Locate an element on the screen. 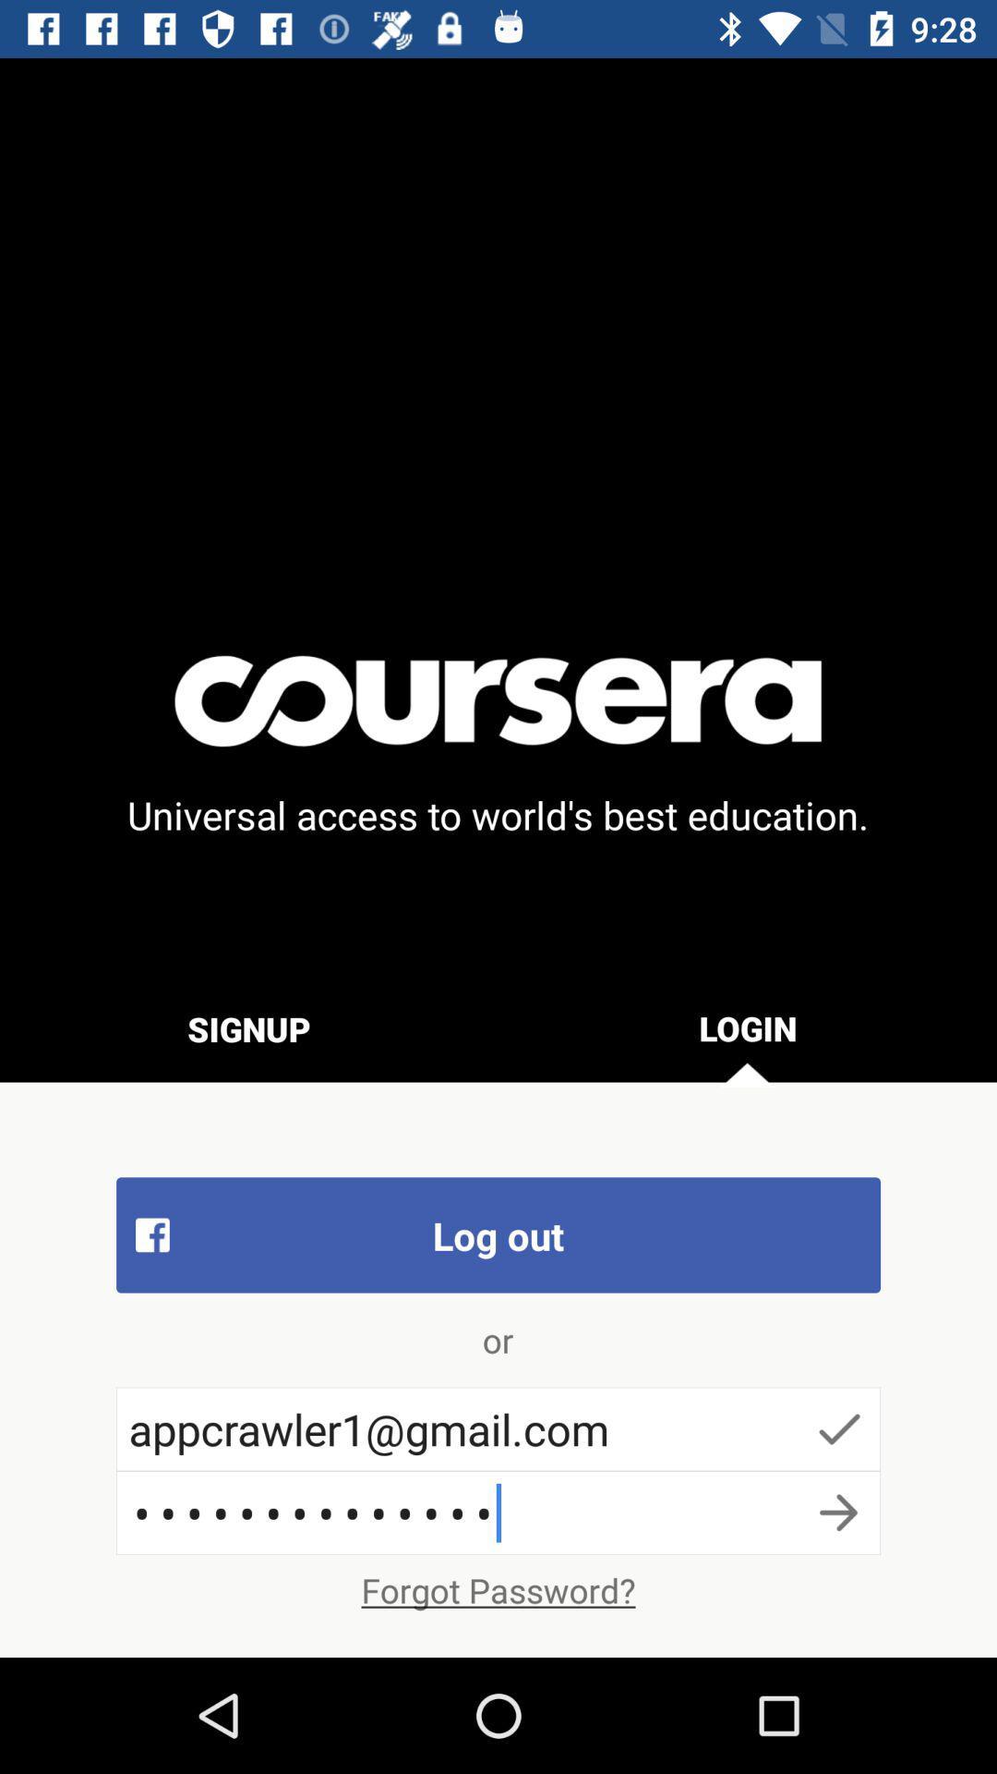 This screenshot has height=1774, width=997. the item below appcrawler1@gmail.com is located at coordinates (498, 1513).